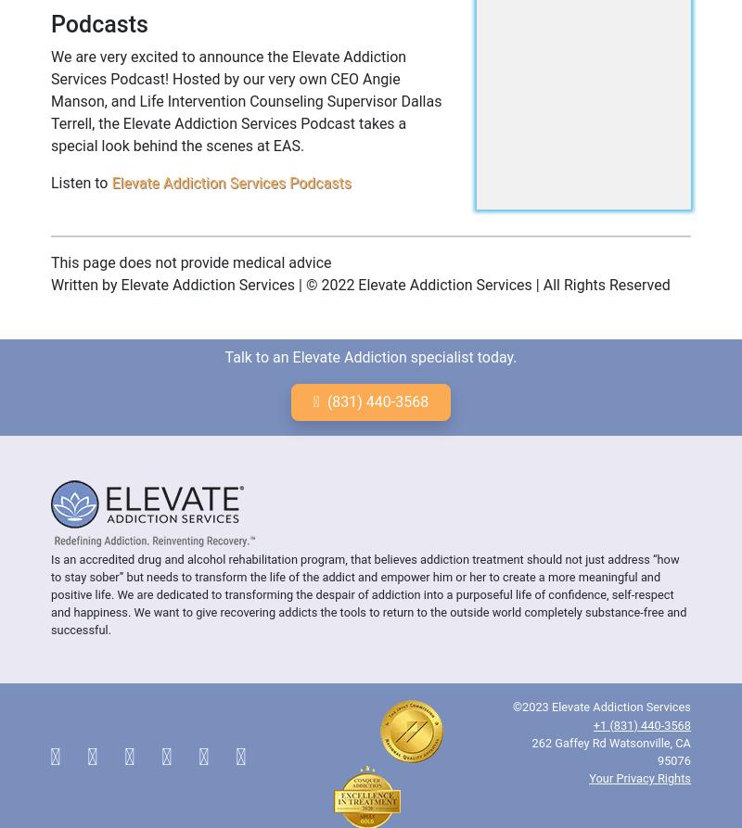 The height and width of the screenshot is (828, 742). Describe the element at coordinates (369, 356) in the screenshot. I see `'Talk to an Elevate Addiction specialist today.'` at that location.